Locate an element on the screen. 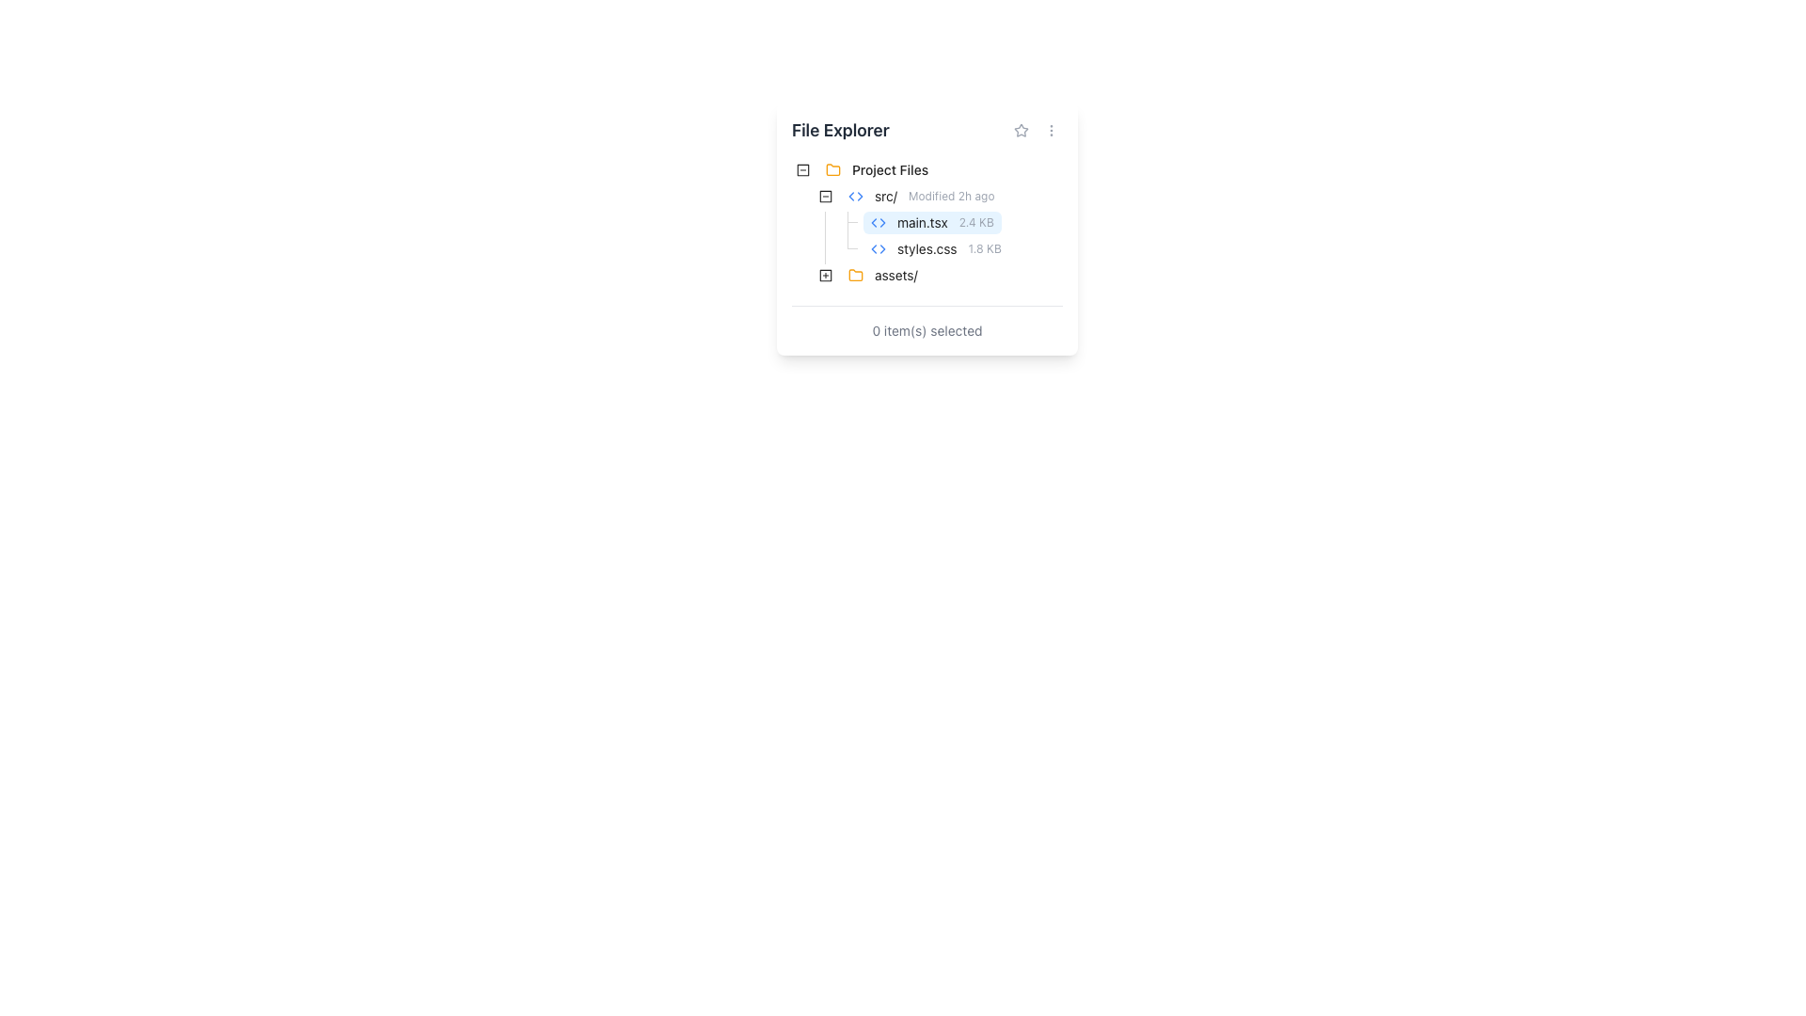 The height and width of the screenshot is (1016, 1806). the Icon button resembling a minus symbol inside a square, located in the middle of the expandable folder tree structure in the 'File Explorer' component is located at coordinates (826, 196).